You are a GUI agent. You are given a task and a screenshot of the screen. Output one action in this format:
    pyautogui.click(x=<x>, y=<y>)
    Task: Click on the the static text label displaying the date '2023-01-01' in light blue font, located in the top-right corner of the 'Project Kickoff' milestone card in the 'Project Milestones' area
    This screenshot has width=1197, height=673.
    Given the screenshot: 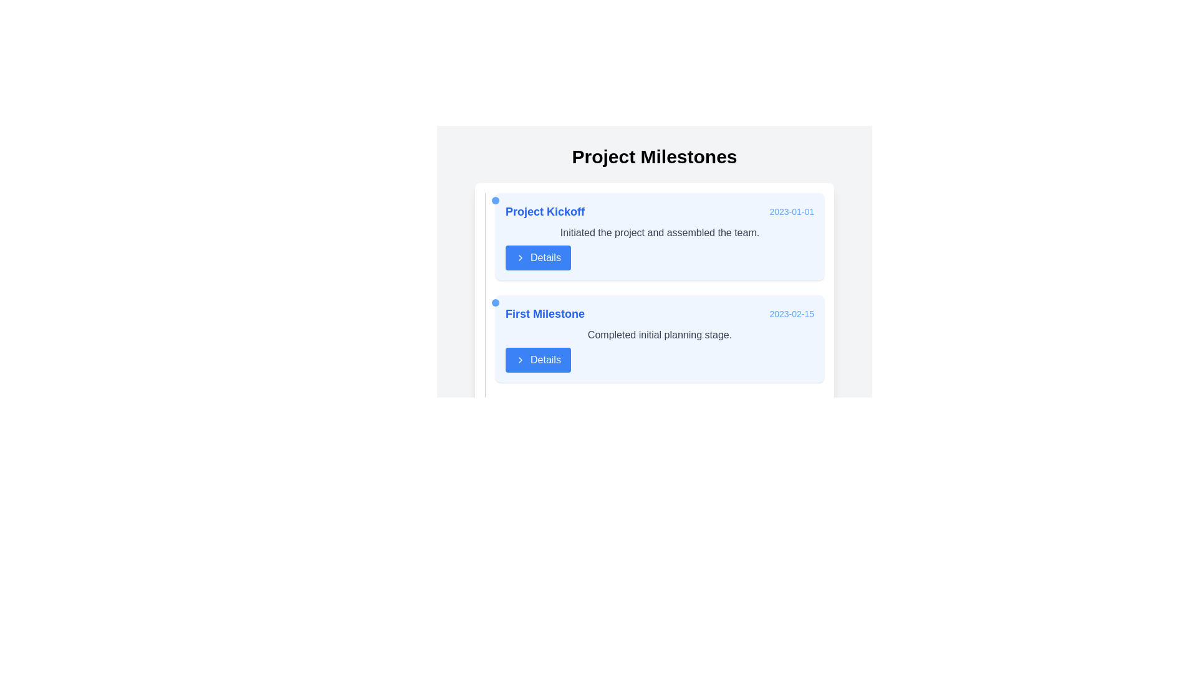 What is the action you would take?
    pyautogui.click(x=791, y=211)
    